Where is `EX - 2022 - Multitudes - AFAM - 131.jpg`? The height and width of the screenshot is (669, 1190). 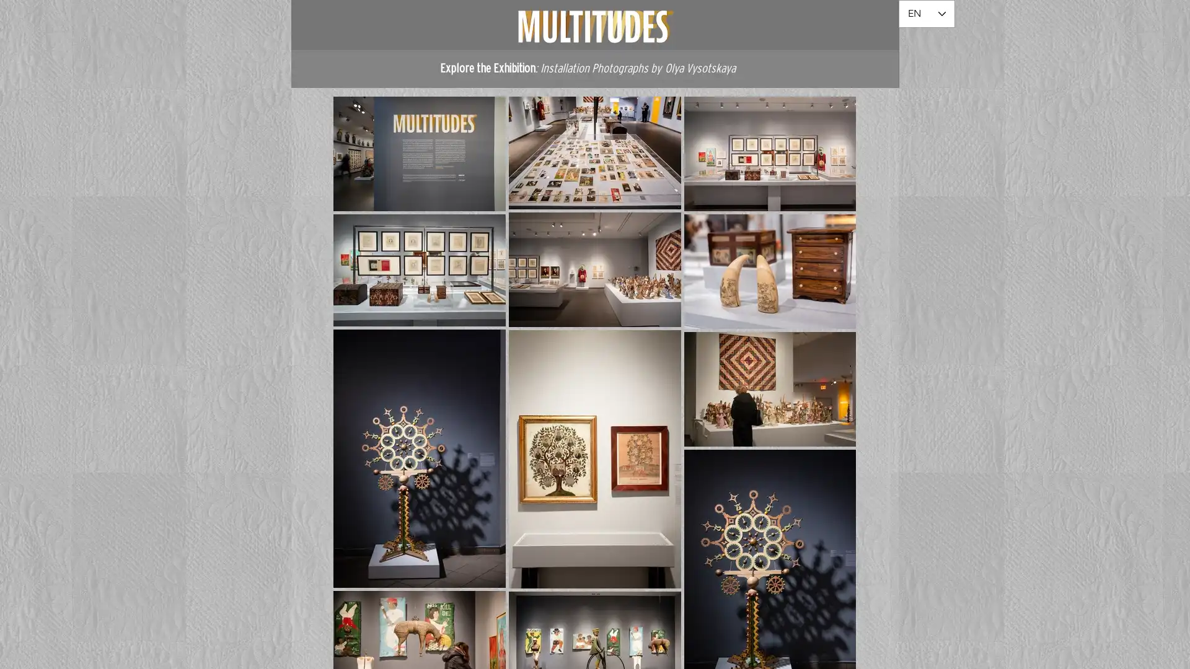
EX - 2022 - Multitudes - AFAM - 131.jpg is located at coordinates (769, 388).